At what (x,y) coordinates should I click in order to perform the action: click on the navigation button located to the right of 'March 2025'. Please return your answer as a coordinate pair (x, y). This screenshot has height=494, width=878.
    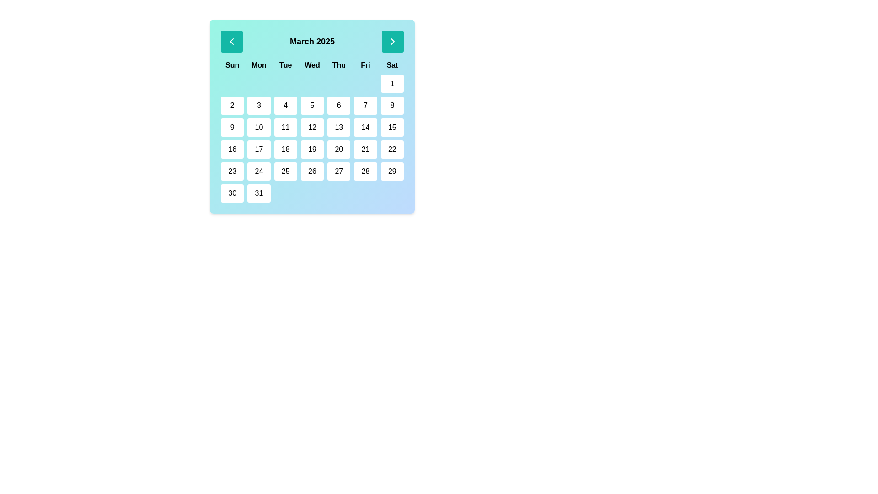
    Looking at the image, I should click on (393, 42).